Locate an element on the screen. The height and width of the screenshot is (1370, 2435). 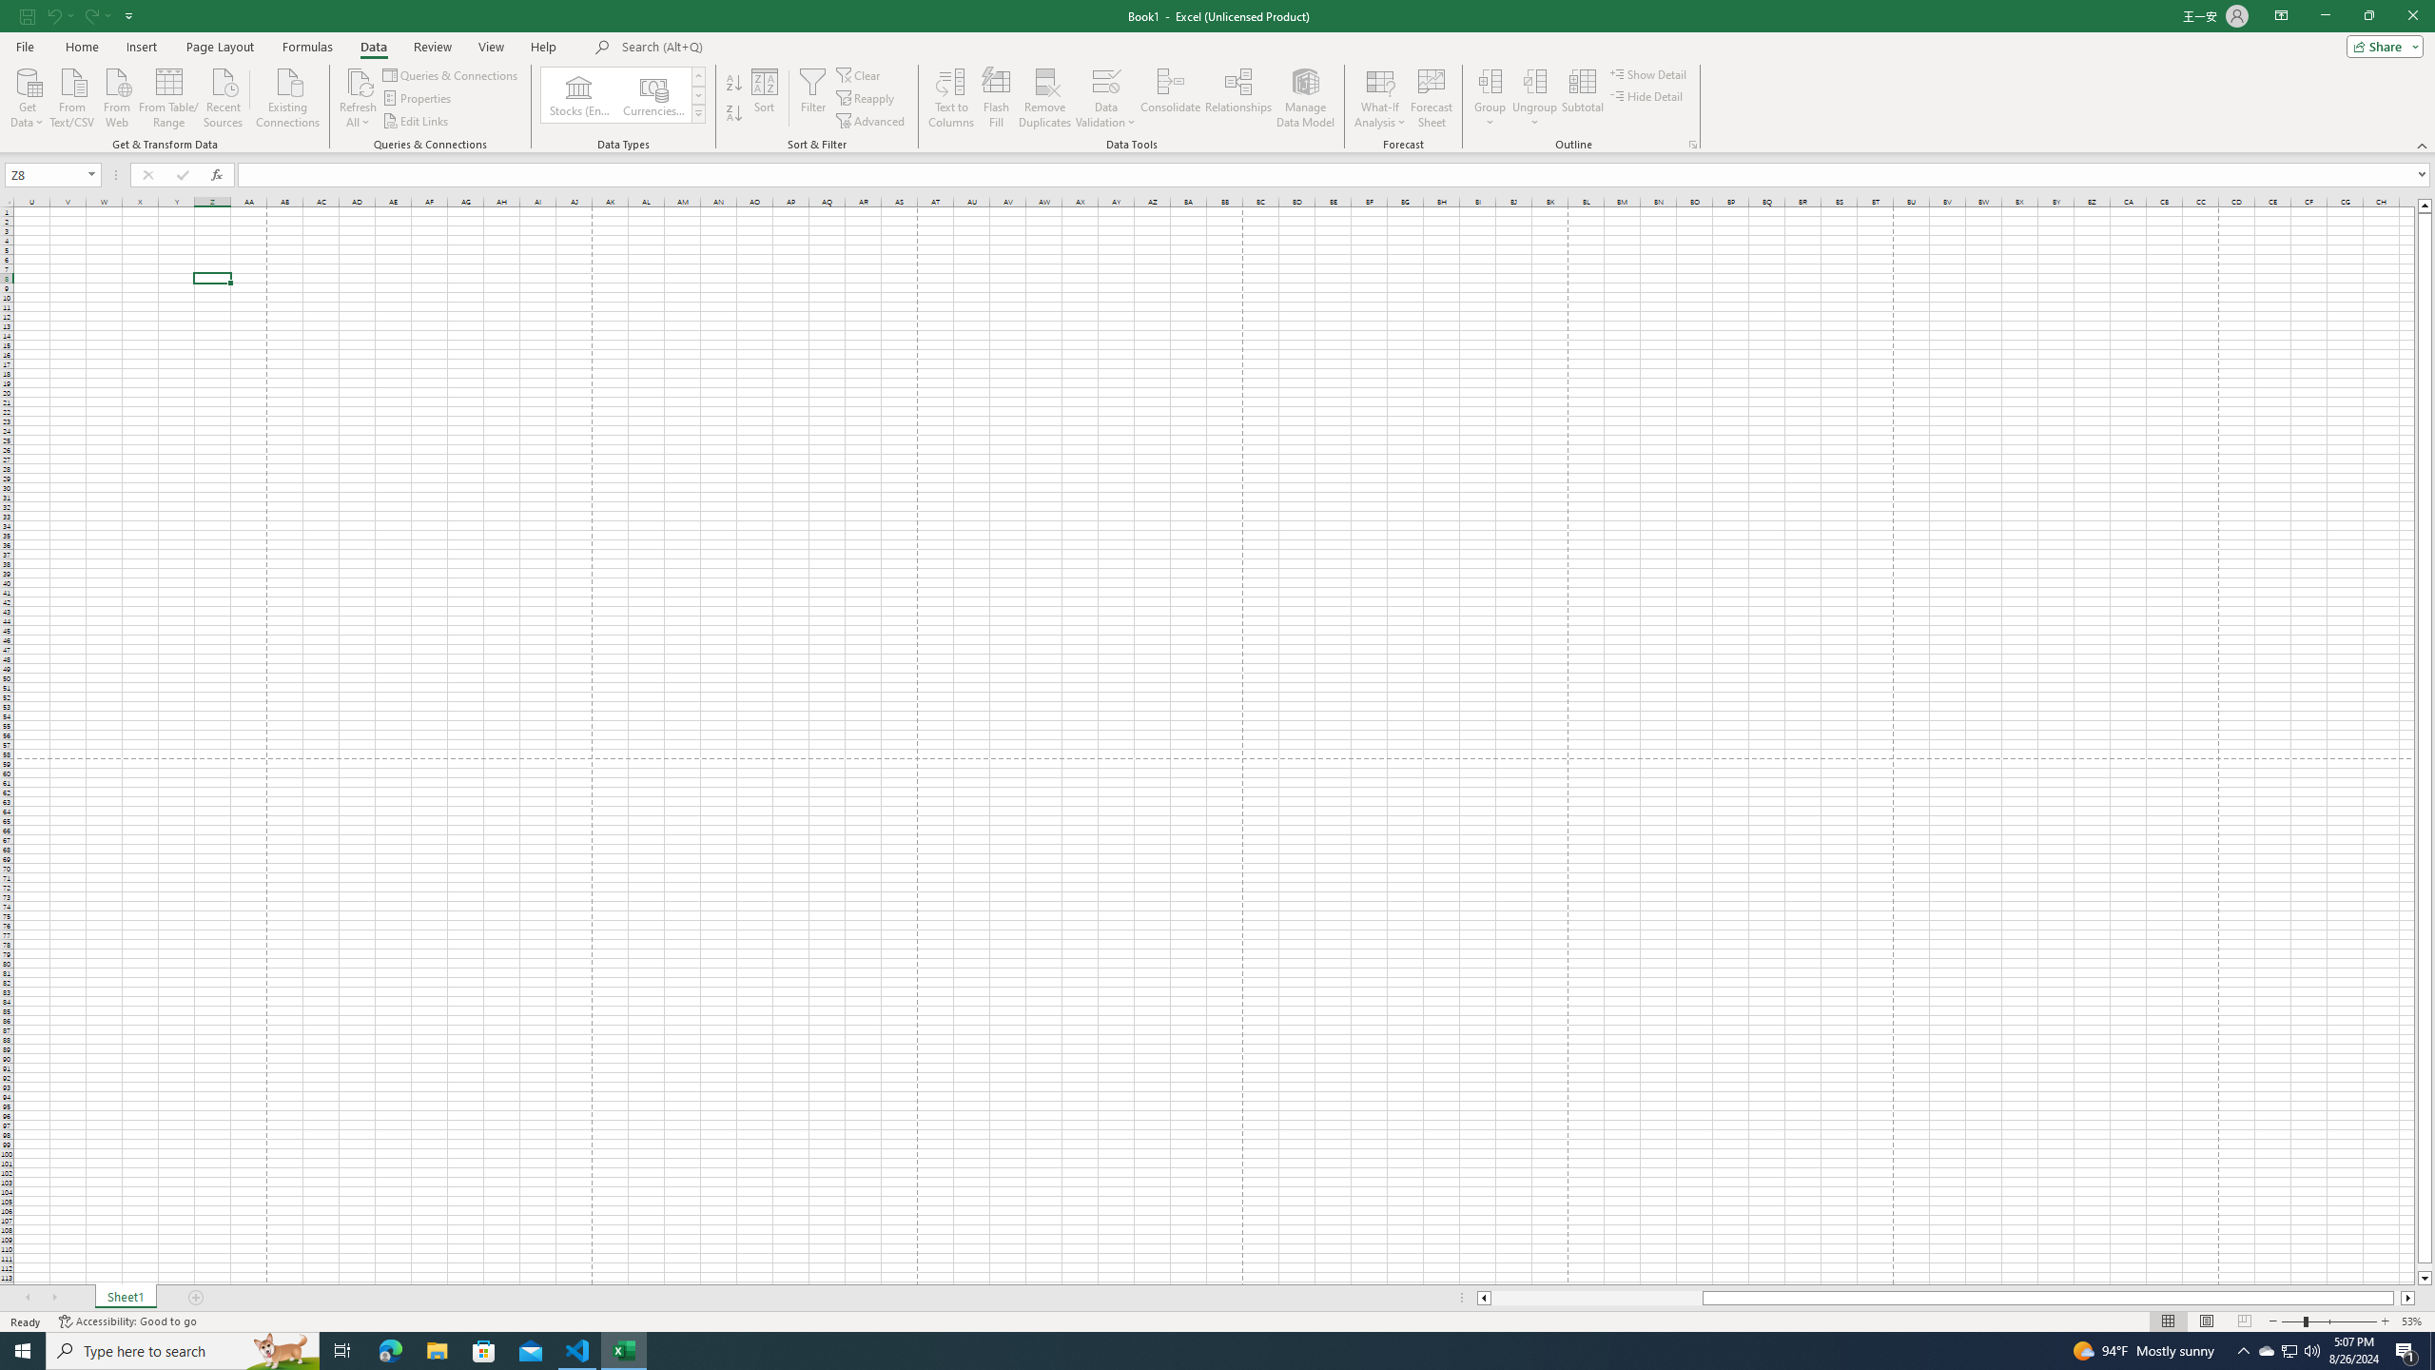
'From Table/Range' is located at coordinates (167, 95).